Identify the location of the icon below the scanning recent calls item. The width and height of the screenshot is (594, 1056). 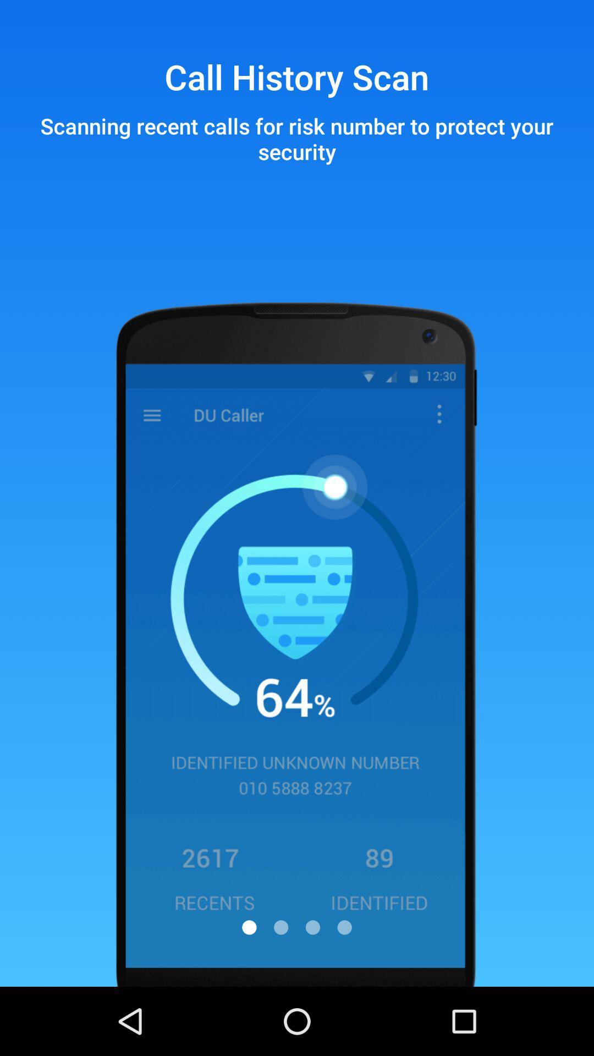
(280, 927).